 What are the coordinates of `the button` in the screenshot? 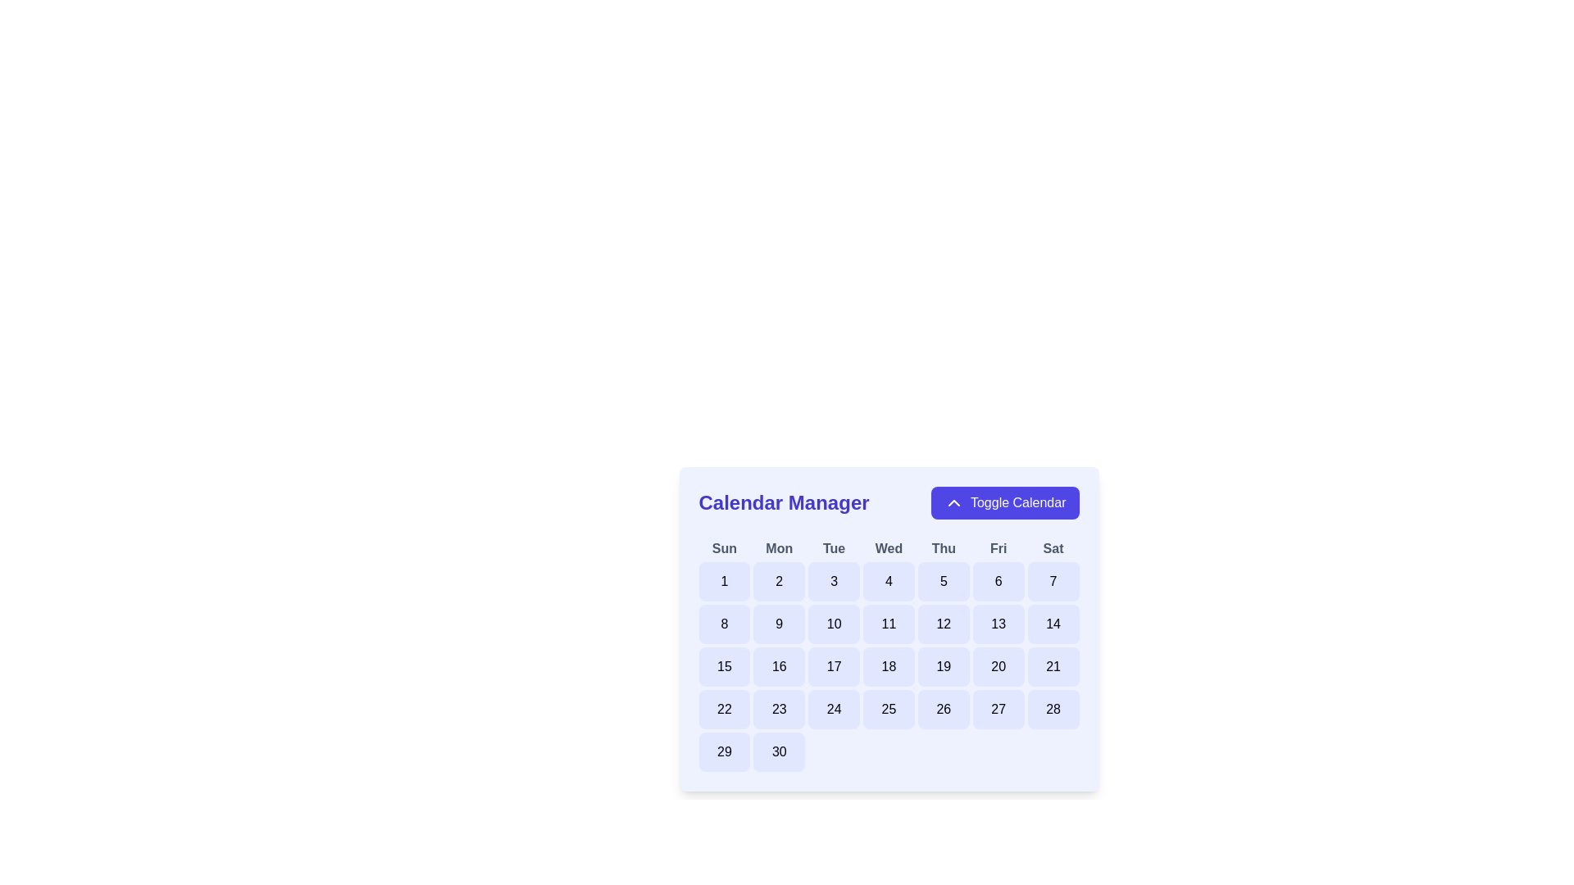 It's located at (888, 709).